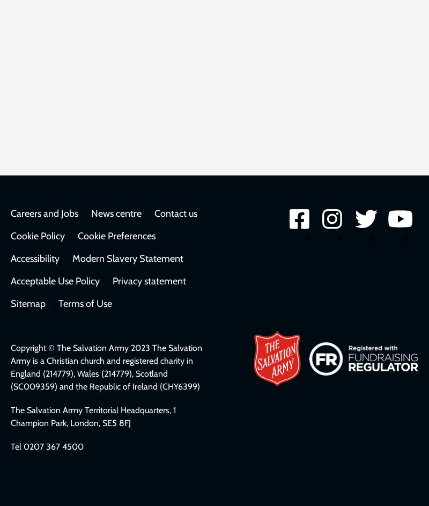 This screenshot has height=506, width=429. I want to click on 'Copyright © The Salvation Army 2023 The Salvation Army is a Christian church and registered charity in England (214779), Wales (214779), Scotland (SC009359) and the Republic of Ireland (CHY6399)', so click(11, 366).